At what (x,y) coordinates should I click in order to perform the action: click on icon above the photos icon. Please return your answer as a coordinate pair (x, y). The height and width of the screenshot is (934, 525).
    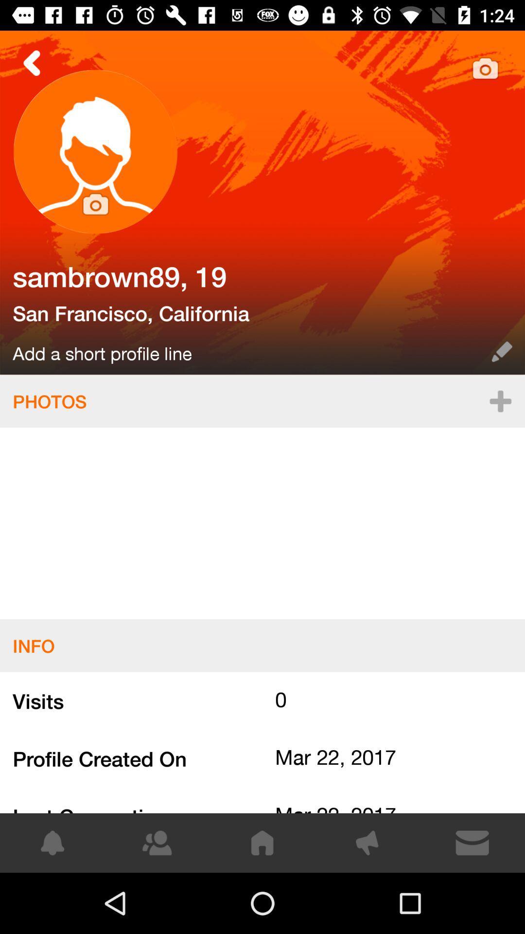
    Looking at the image, I should click on (502, 351).